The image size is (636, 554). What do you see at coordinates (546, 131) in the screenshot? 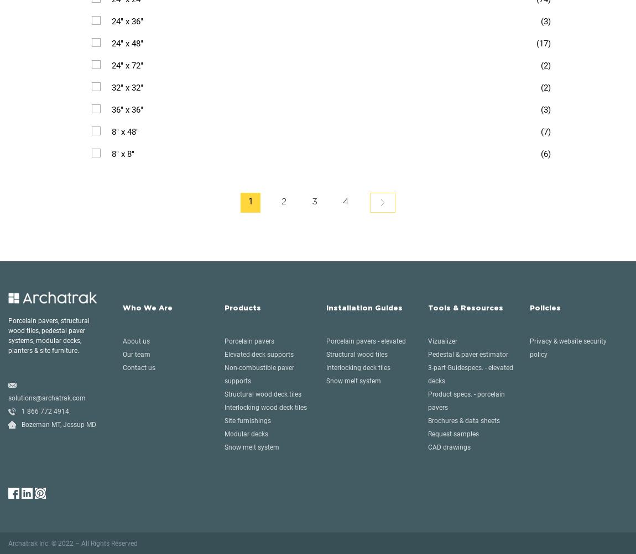
I see `'(7)'` at bounding box center [546, 131].